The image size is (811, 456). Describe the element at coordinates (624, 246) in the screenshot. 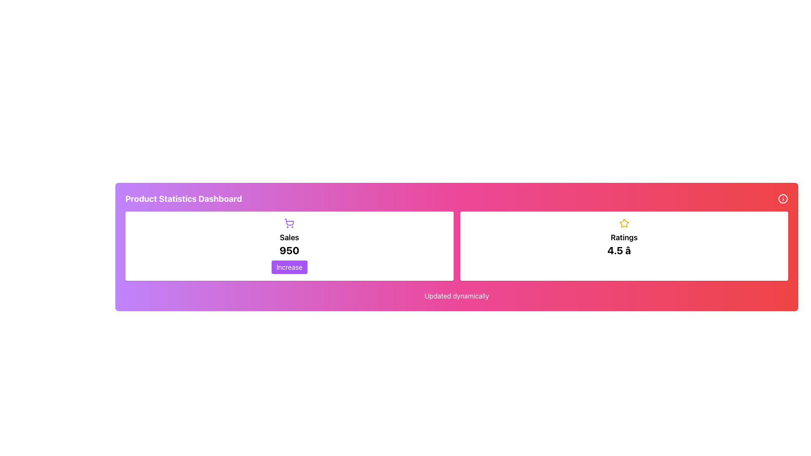

I see `the non-interactive Display Element that shows the rating summary for a product or service, located in the bottom right section of the two-column grid layout` at that location.